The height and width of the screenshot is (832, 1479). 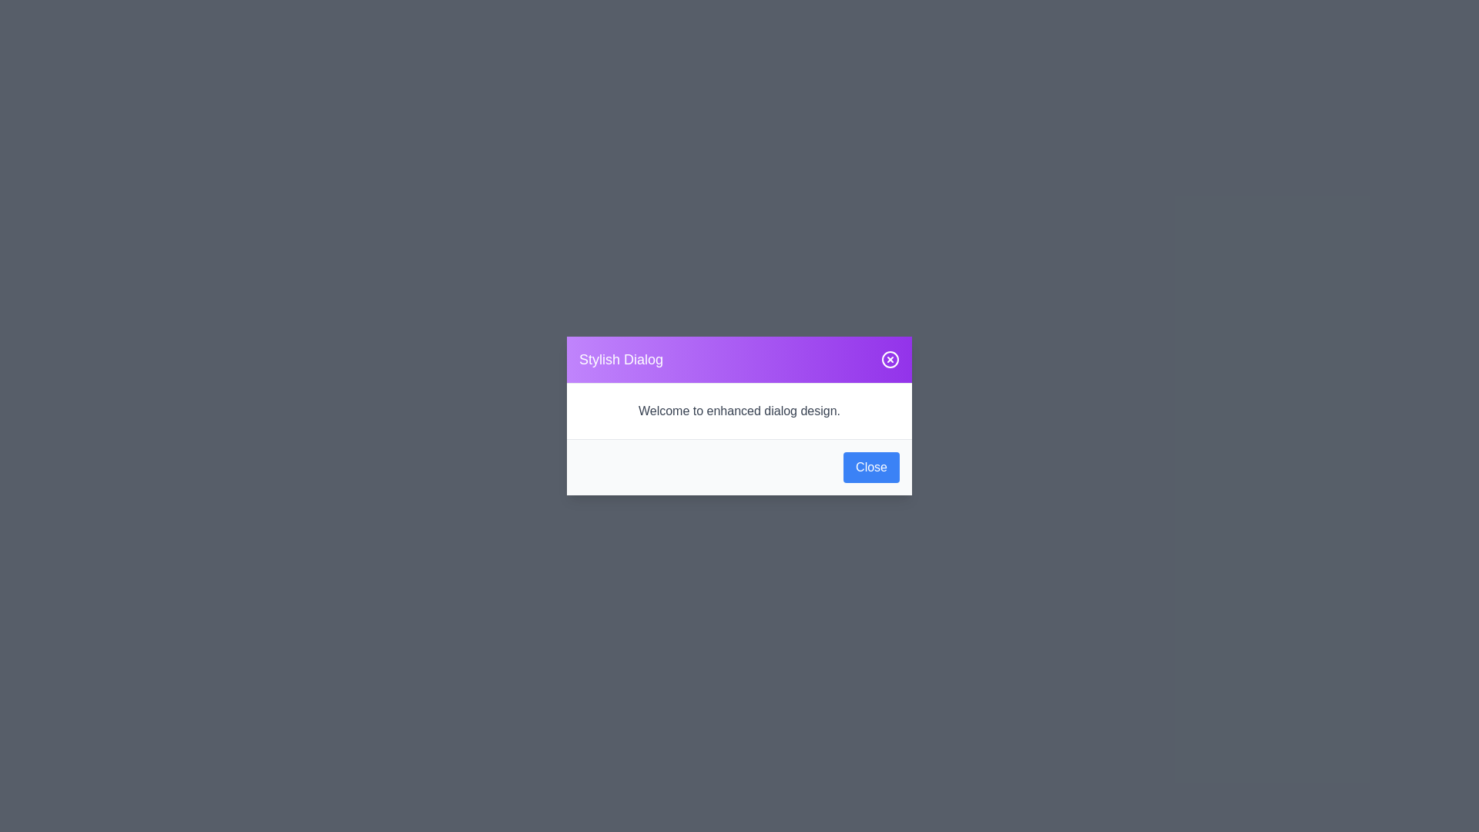 I want to click on the 'Close' button located at the bottom right of the dialog box, so click(x=871, y=466).